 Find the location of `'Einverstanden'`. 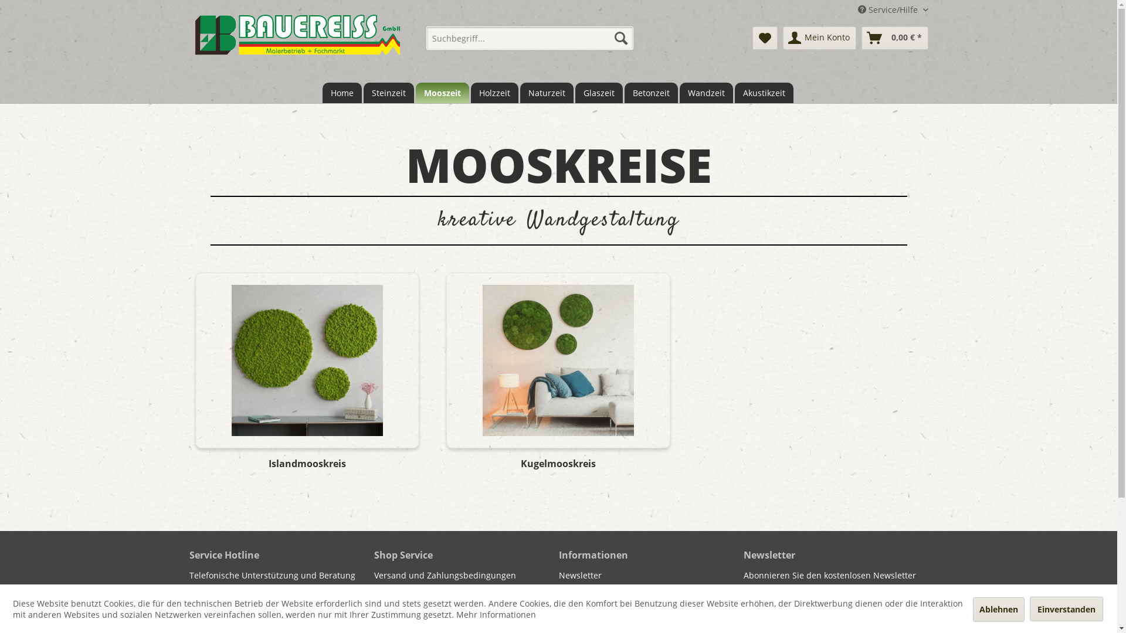

'Einverstanden' is located at coordinates (1066, 608).